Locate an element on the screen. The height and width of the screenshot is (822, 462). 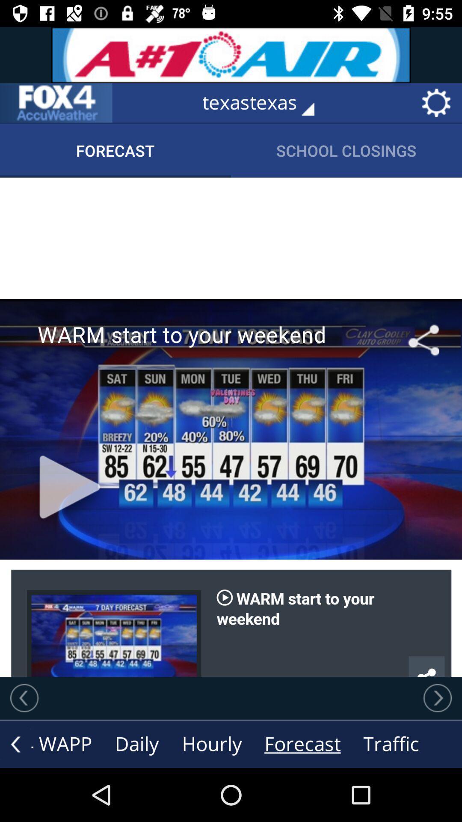
the item next to texastexas item is located at coordinates (56, 103).